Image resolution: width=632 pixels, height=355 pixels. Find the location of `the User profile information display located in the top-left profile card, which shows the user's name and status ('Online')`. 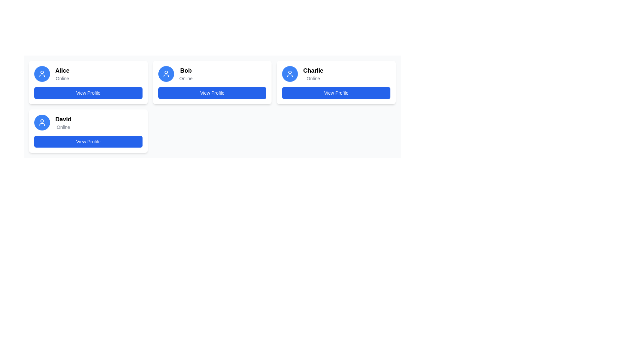

the User profile information display located in the top-left profile card, which shows the user's name and status ('Online') is located at coordinates (88, 74).